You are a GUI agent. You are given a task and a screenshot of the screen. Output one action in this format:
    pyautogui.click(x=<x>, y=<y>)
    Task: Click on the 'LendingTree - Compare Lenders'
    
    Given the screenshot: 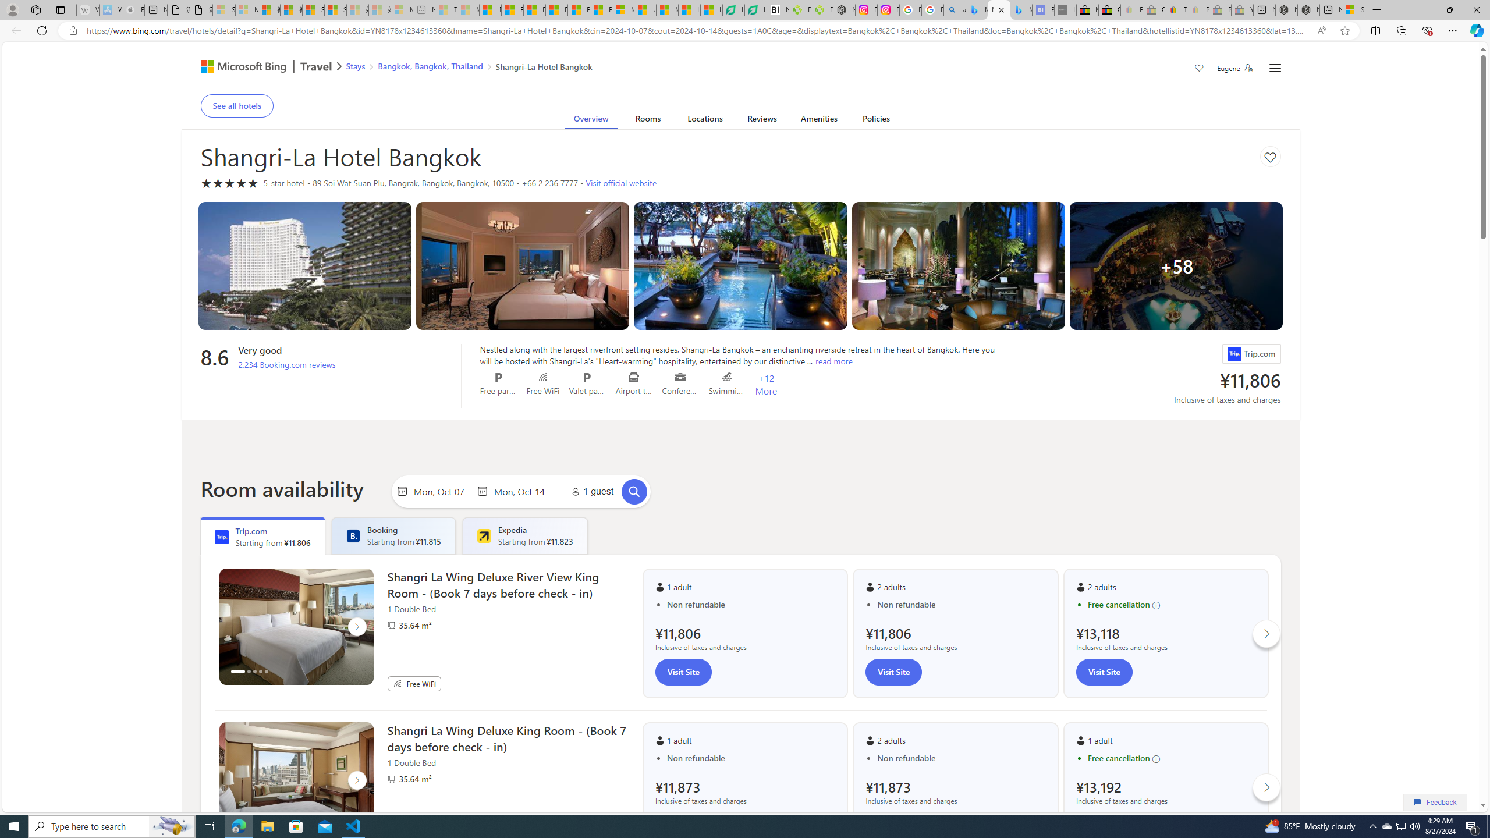 What is the action you would take?
    pyautogui.click(x=754, y=9)
    